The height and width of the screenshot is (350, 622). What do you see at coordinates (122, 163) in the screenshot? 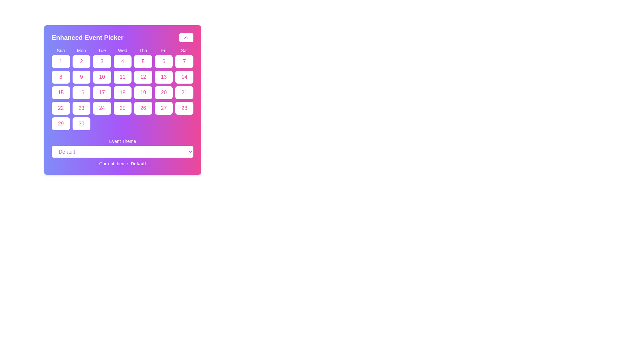
I see `the static text label displaying 'Current theme: Default', located near the bottom of the 'Enhanced Event Picker' UI panel, below the 'Event Theme' dropdown menu` at bounding box center [122, 163].